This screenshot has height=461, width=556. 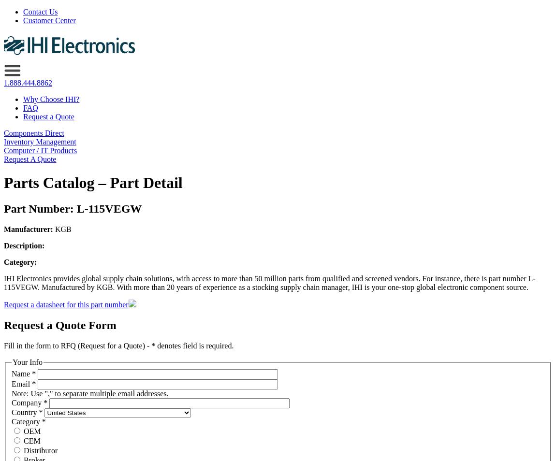 What do you see at coordinates (33, 133) in the screenshot?
I see `'Components Direct'` at bounding box center [33, 133].